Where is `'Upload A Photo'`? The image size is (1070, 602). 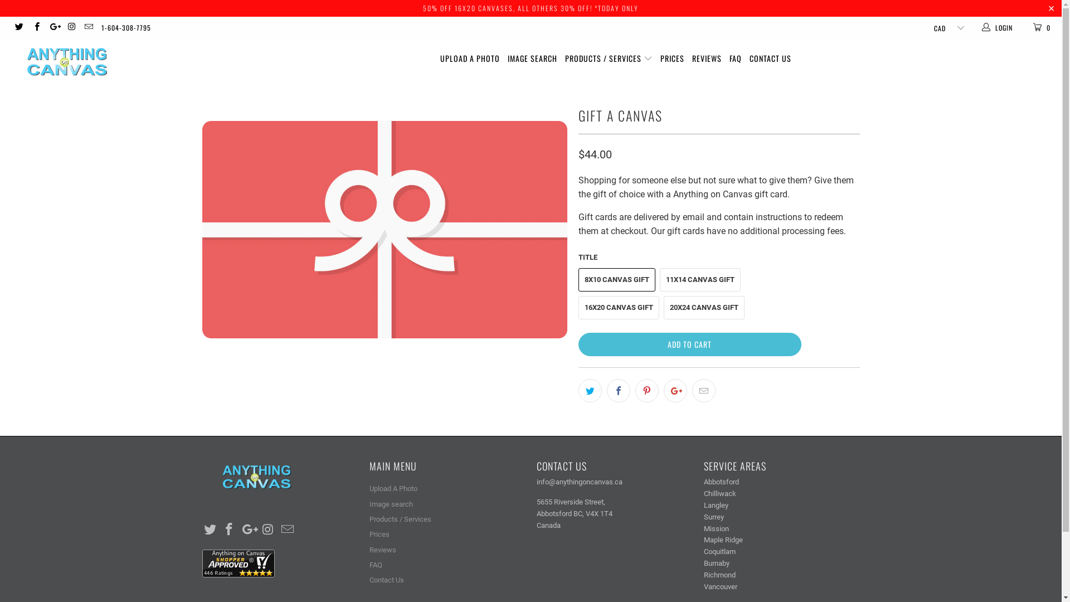 'Upload A Photo' is located at coordinates (393, 488).